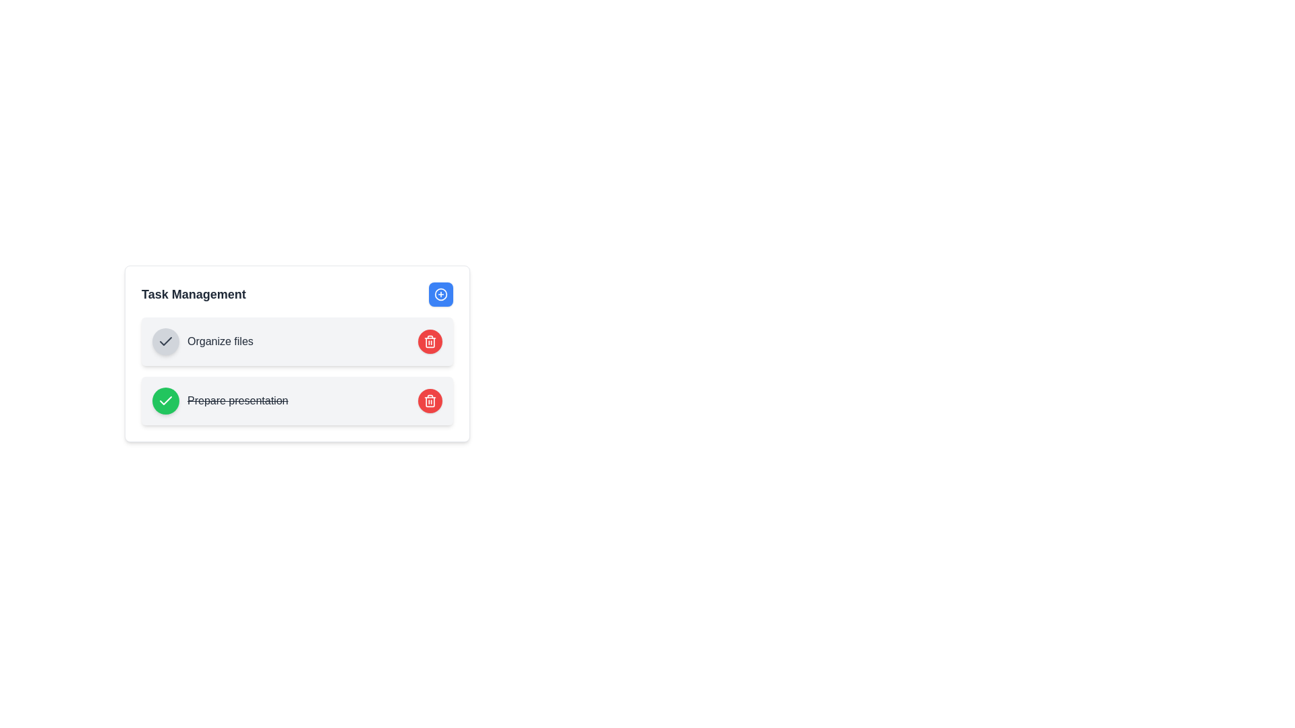  What do you see at coordinates (237, 400) in the screenshot?
I see `the completed task title text, which has a line-through styling, indicating its completion status, positioned between a green checkmark icon and a red trash icon` at bounding box center [237, 400].